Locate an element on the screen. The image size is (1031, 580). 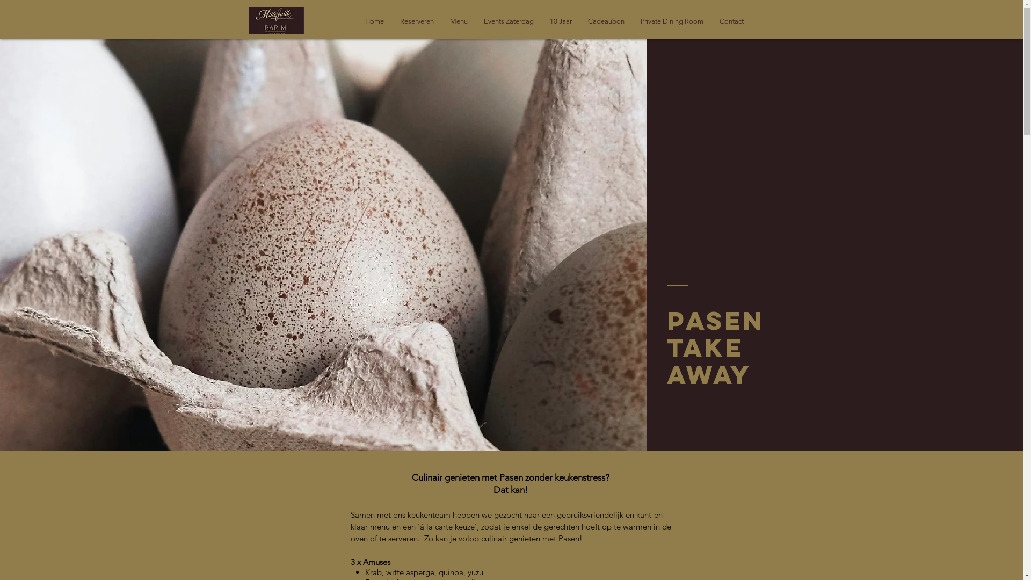
'Home' is located at coordinates (374, 21).